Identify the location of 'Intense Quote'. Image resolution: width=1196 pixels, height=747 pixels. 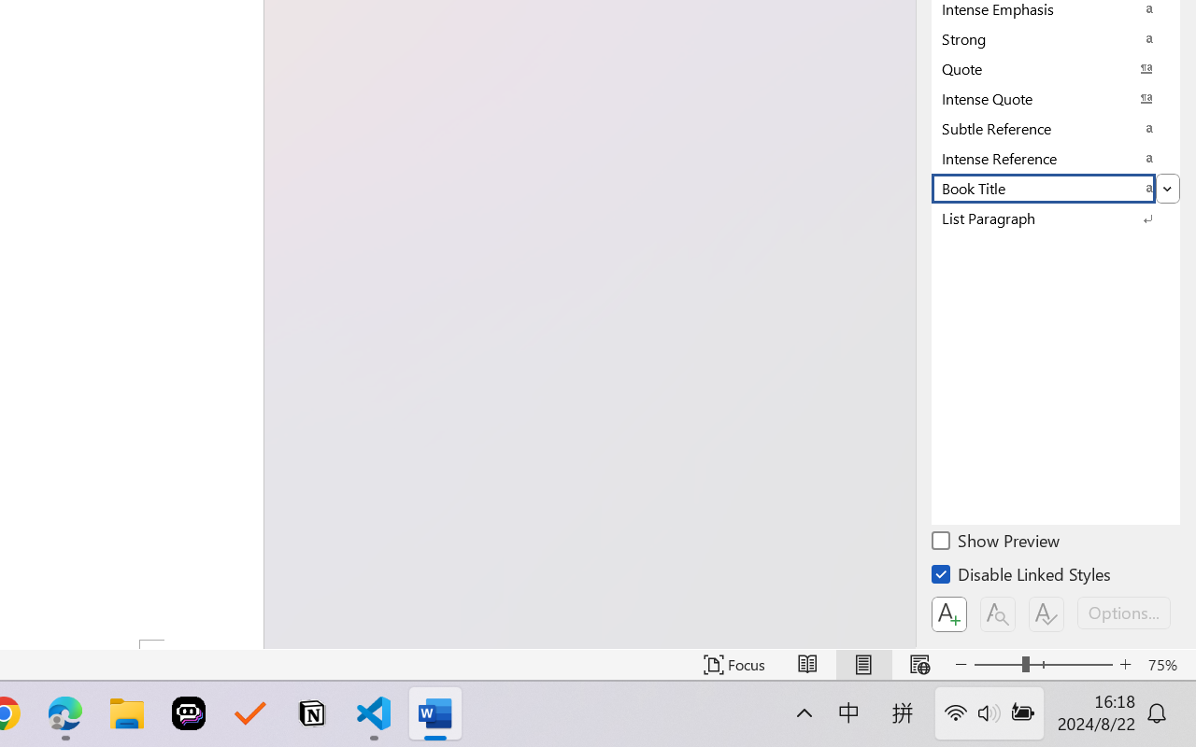
(1056, 97).